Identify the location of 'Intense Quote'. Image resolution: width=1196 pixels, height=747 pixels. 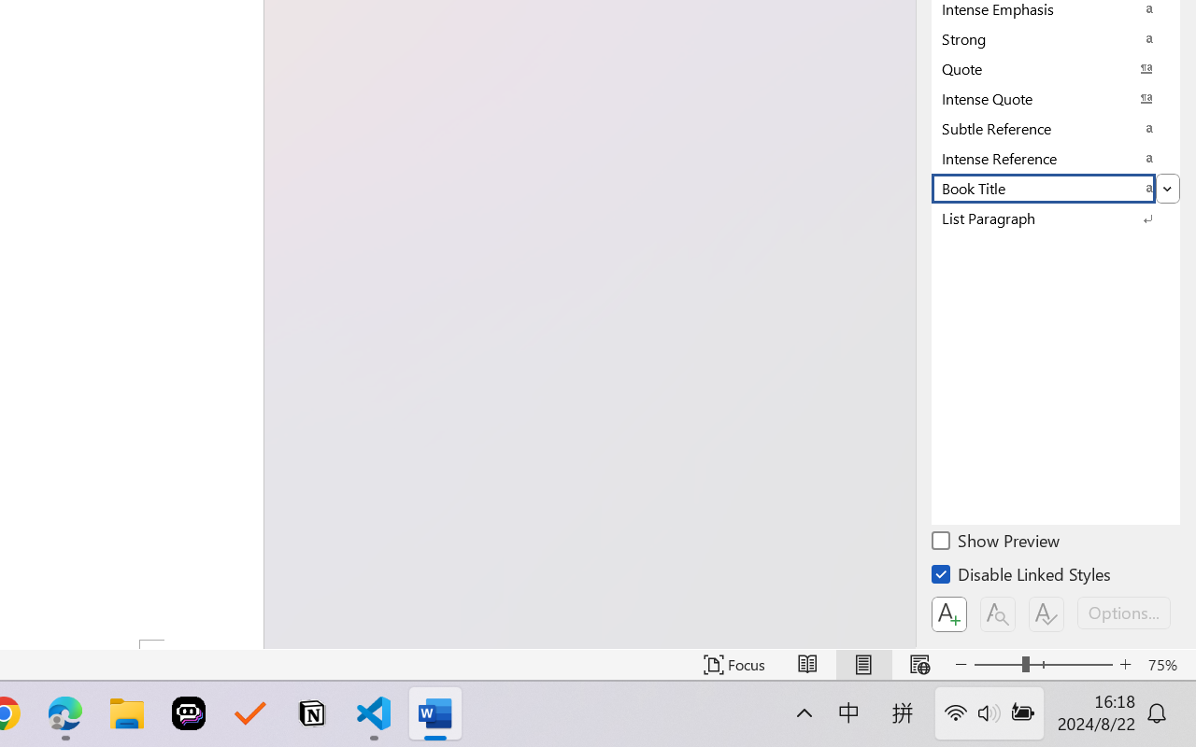
(1056, 97).